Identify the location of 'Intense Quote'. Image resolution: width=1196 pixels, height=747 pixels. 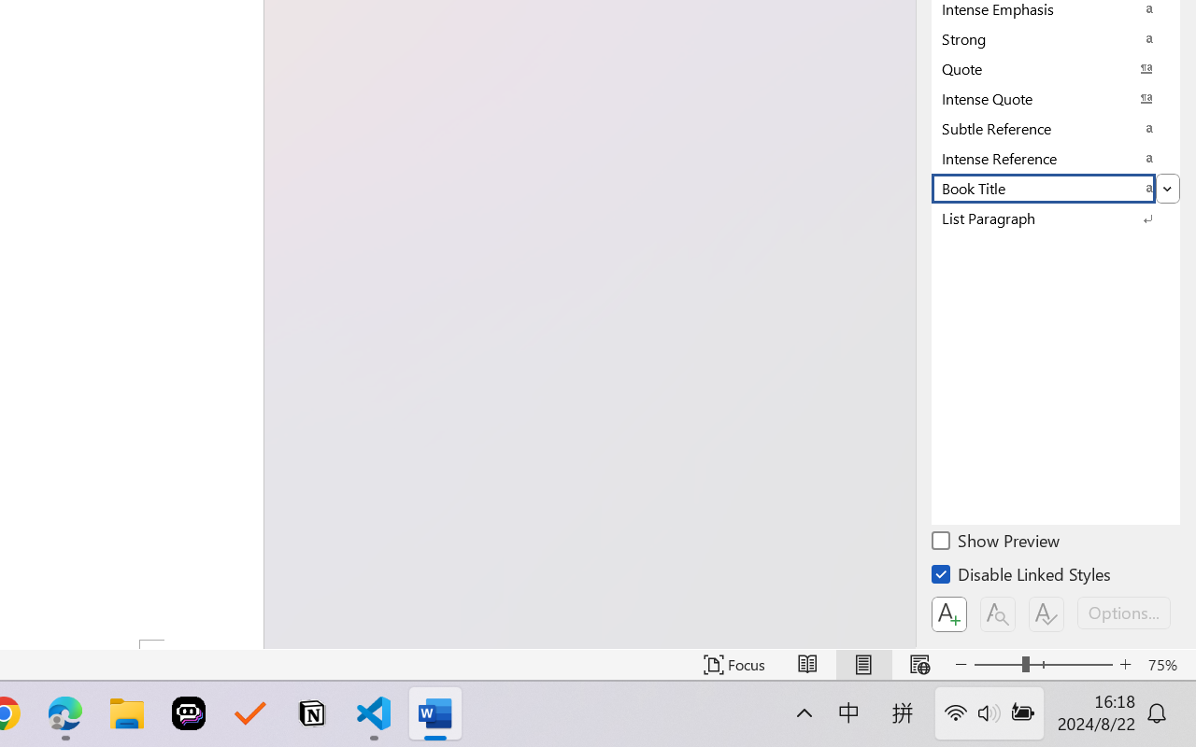
(1056, 97).